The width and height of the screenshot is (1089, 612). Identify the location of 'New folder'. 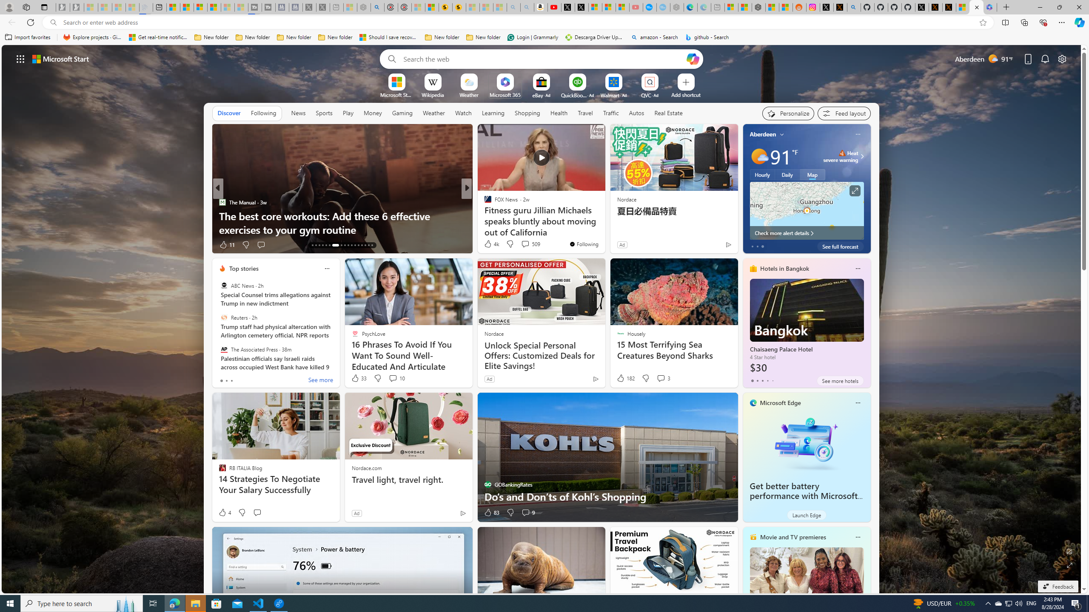
(483, 37).